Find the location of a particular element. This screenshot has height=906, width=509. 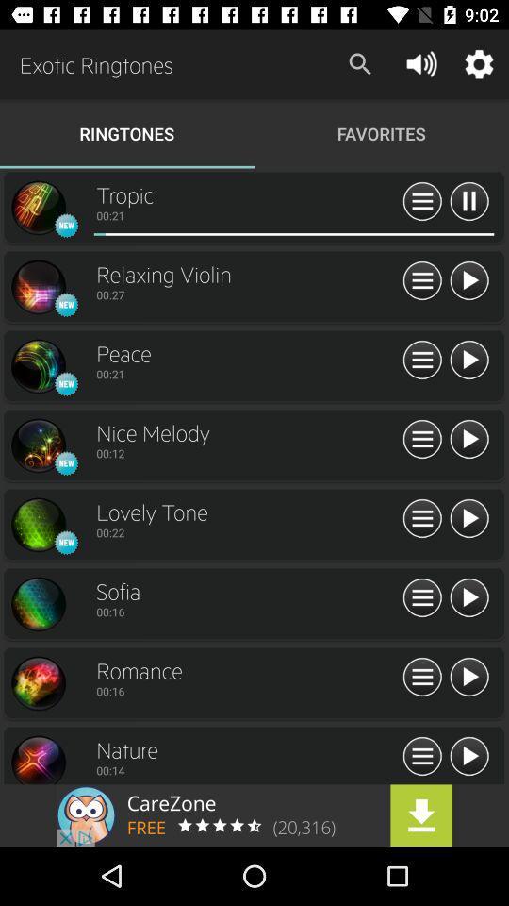

text right to ringtones is located at coordinates (382, 132).